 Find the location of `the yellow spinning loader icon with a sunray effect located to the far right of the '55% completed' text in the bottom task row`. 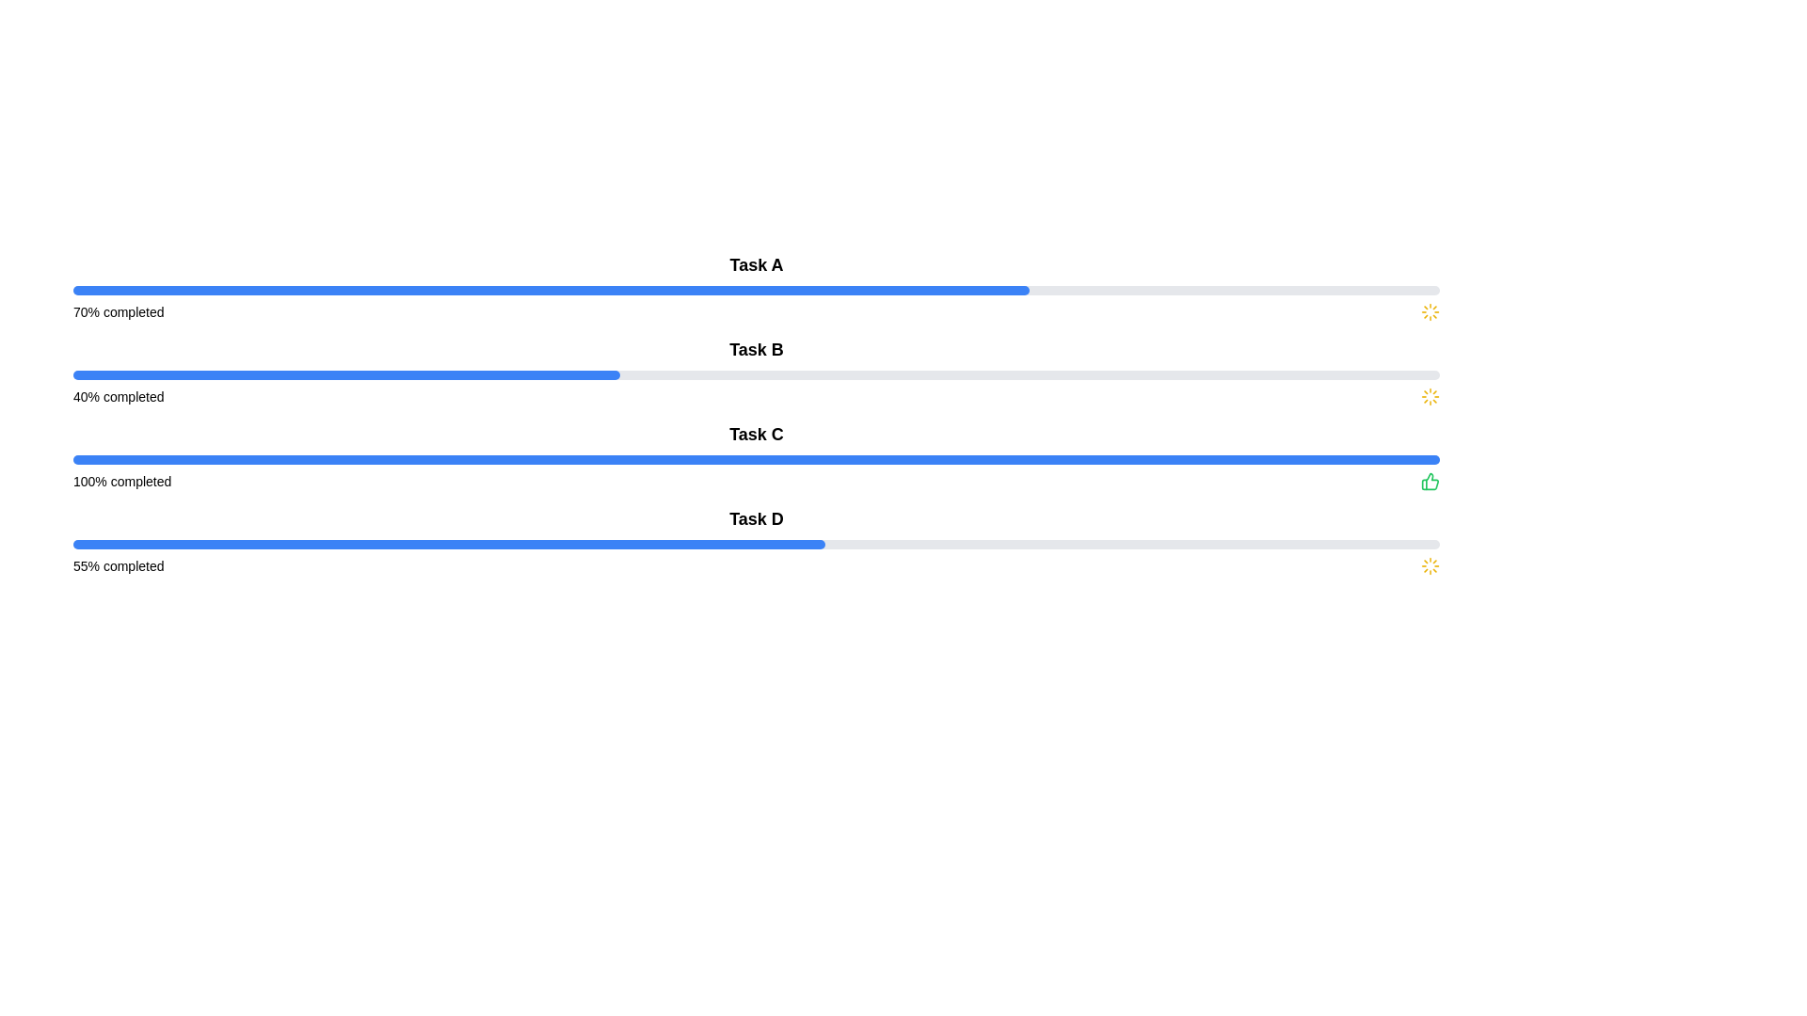

the yellow spinning loader icon with a sunray effect located to the far right of the '55% completed' text in the bottom task row is located at coordinates (1431, 564).